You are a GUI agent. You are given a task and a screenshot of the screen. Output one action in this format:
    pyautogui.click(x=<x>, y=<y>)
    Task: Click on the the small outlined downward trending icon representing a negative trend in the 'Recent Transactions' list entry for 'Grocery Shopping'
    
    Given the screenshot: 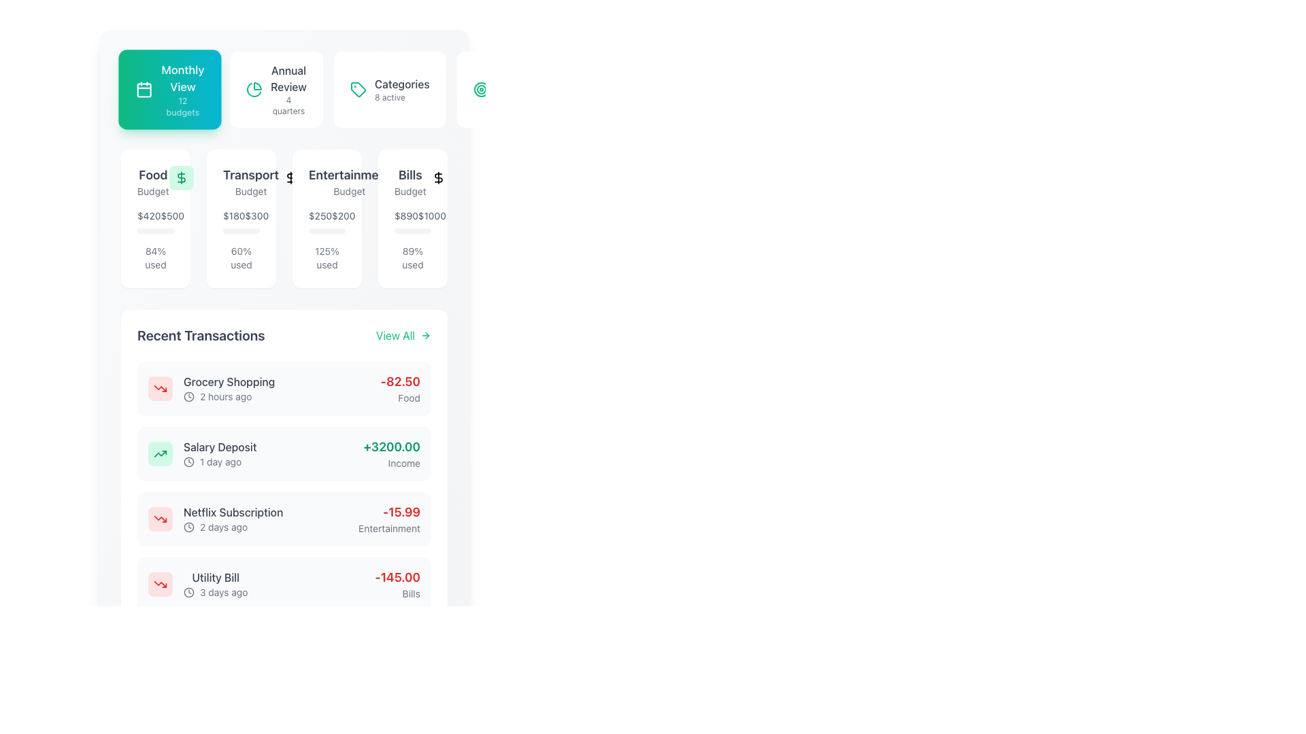 What is the action you would take?
    pyautogui.click(x=160, y=584)
    